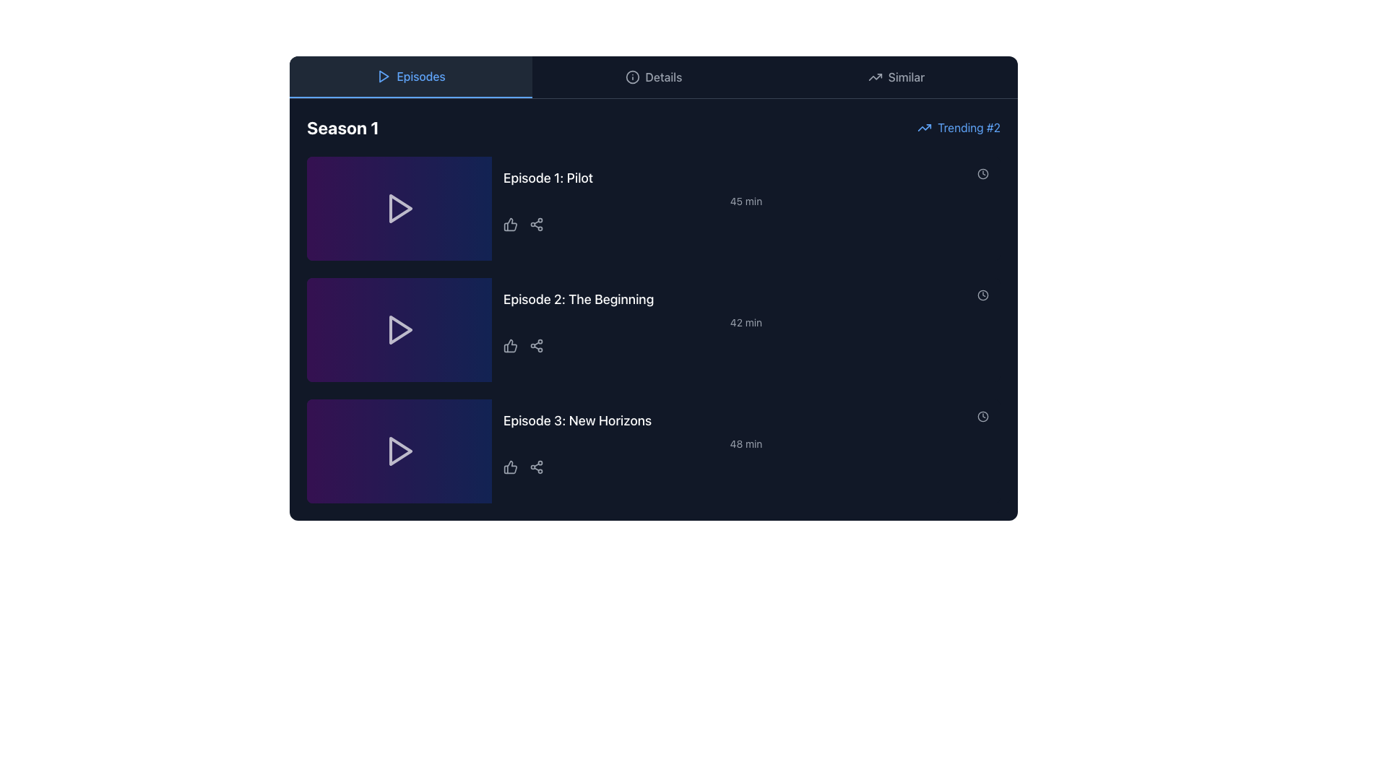 This screenshot has height=780, width=1387. I want to click on the play button located in the first item of the 'Season 1' vertical list, so click(399, 209).